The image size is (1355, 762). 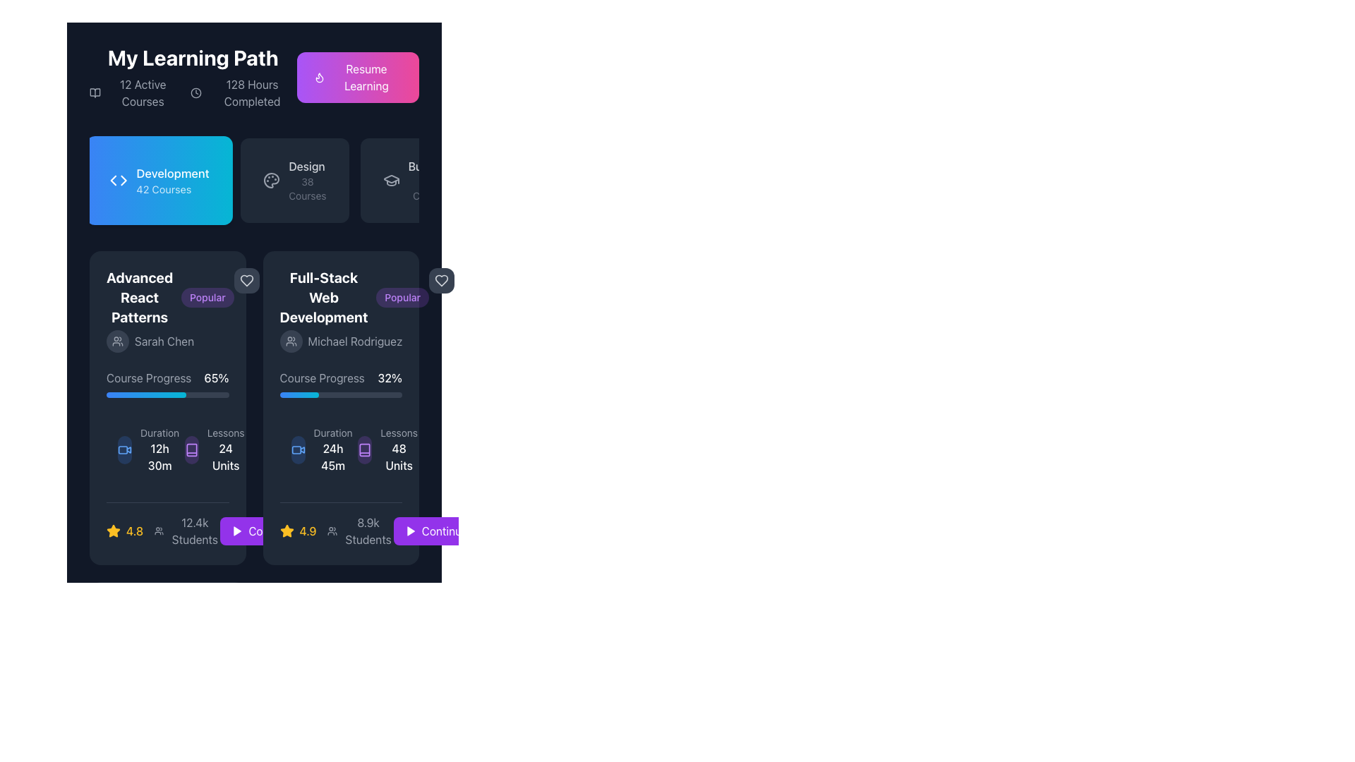 I want to click on the progress bar segment indicating 32% task completion, which is visually styled with a blue to cyan gradient and is located under the 'Course Progress' text, so click(x=299, y=394).